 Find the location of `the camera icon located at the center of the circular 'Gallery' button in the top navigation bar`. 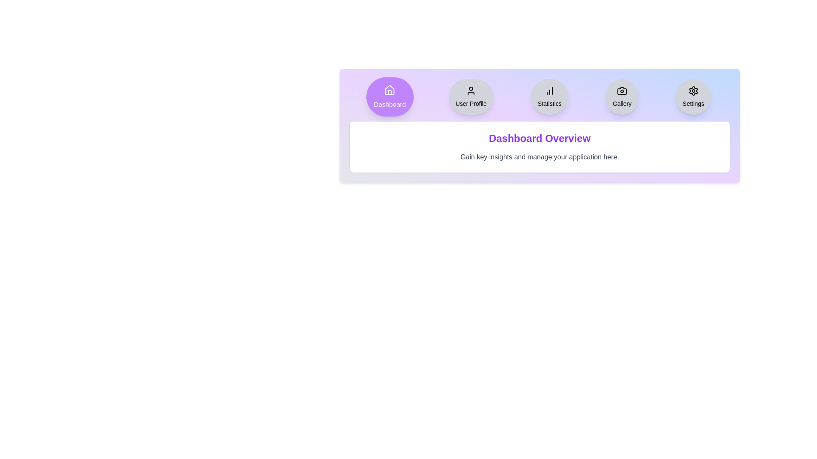

the camera icon located at the center of the circular 'Gallery' button in the top navigation bar is located at coordinates (622, 91).